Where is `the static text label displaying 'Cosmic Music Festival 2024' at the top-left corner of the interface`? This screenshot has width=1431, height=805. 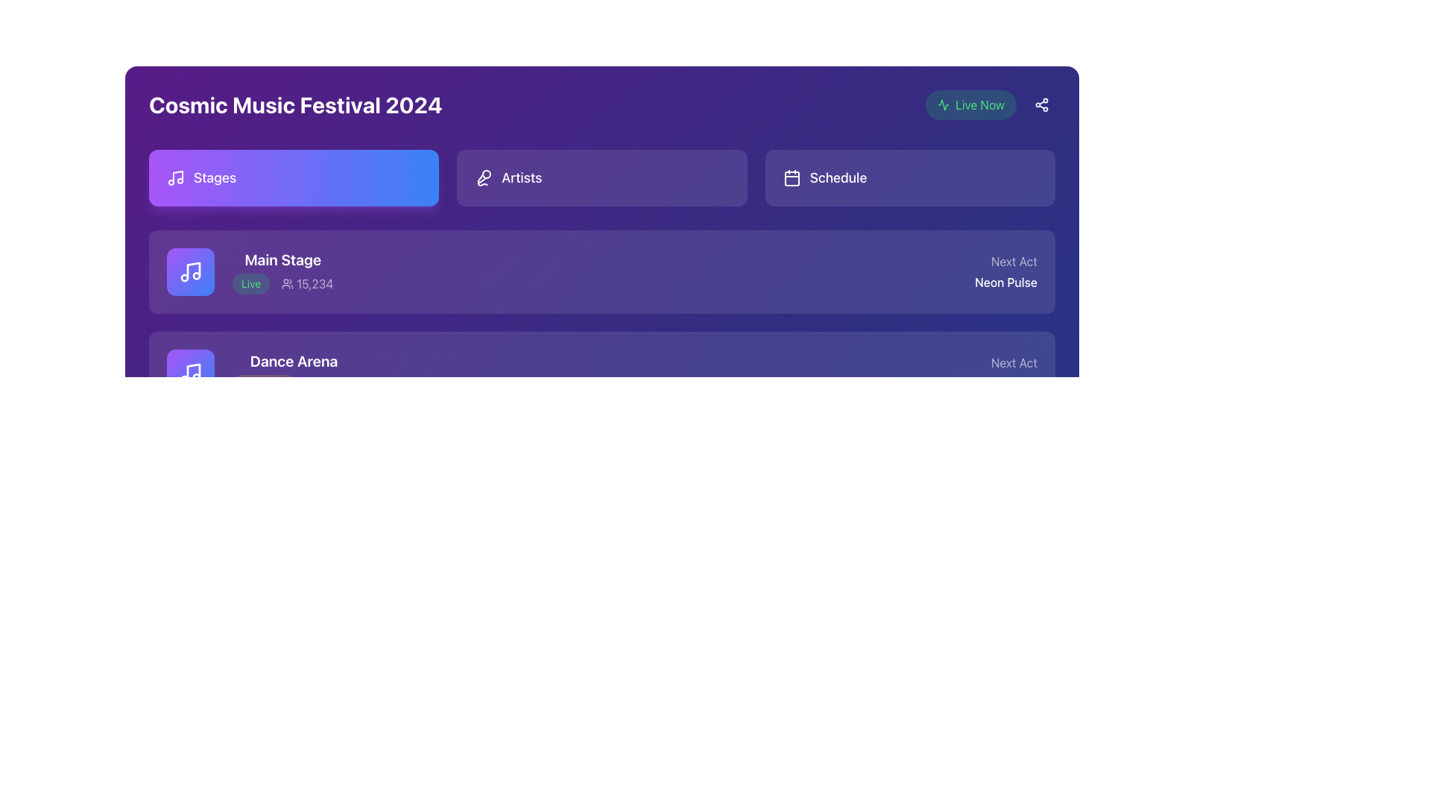 the static text label displaying 'Cosmic Music Festival 2024' at the top-left corner of the interface is located at coordinates (295, 104).